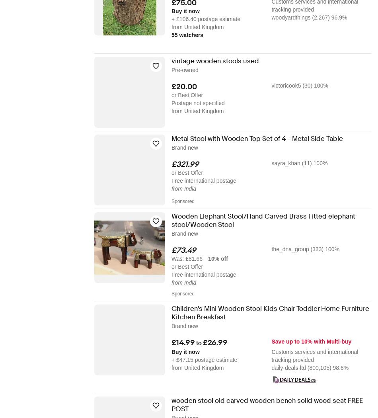 The height and width of the screenshot is (418, 378). What do you see at coordinates (271, 355) in the screenshot?
I see `'Customs services and international tracking provided'` at bounding box center [271, 355].